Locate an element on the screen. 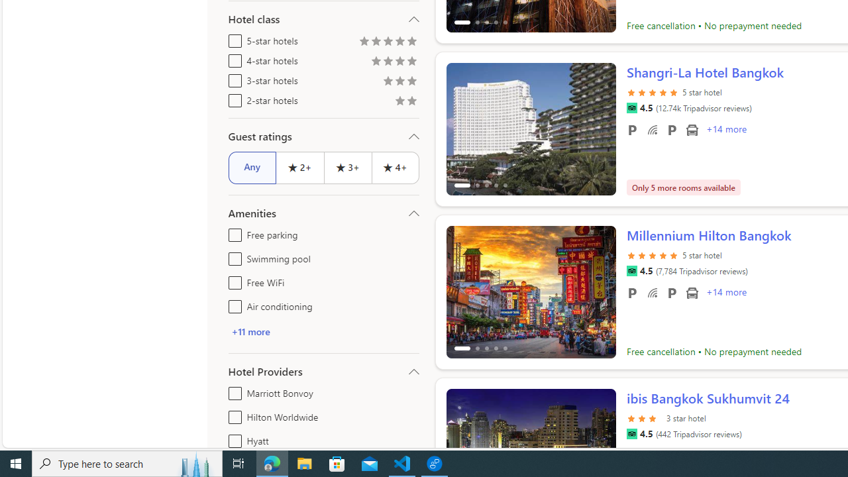 The image size is (848, 477). '5-star hotels' is located at coordinates (233, 38).